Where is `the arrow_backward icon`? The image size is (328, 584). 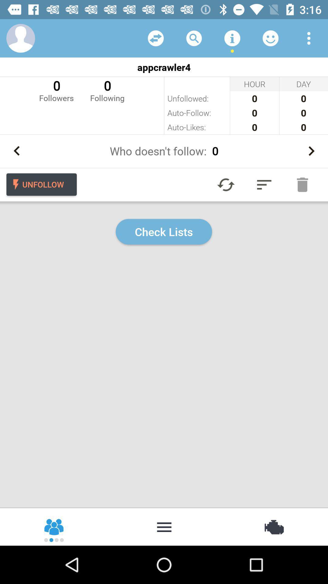 the arrow_backward icon is located at coordinates (16, 151).